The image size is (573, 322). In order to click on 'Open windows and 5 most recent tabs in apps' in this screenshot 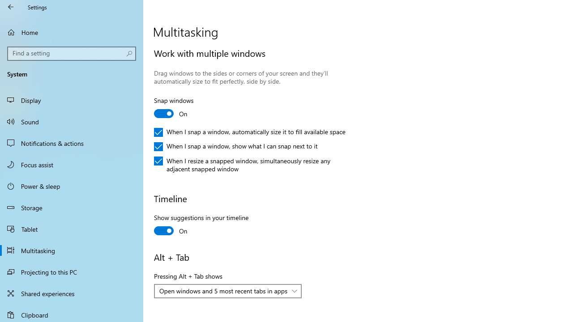, I will do `click(223, 291)`.